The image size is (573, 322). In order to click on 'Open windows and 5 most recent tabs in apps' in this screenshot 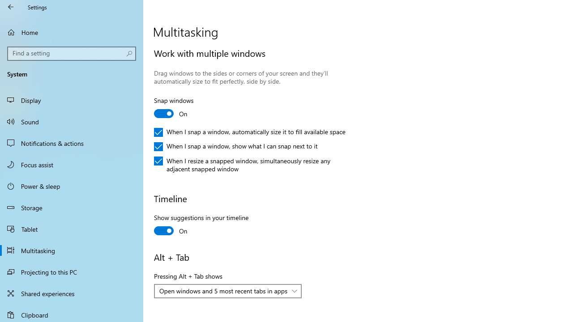, I will do `click(223, 291)`.